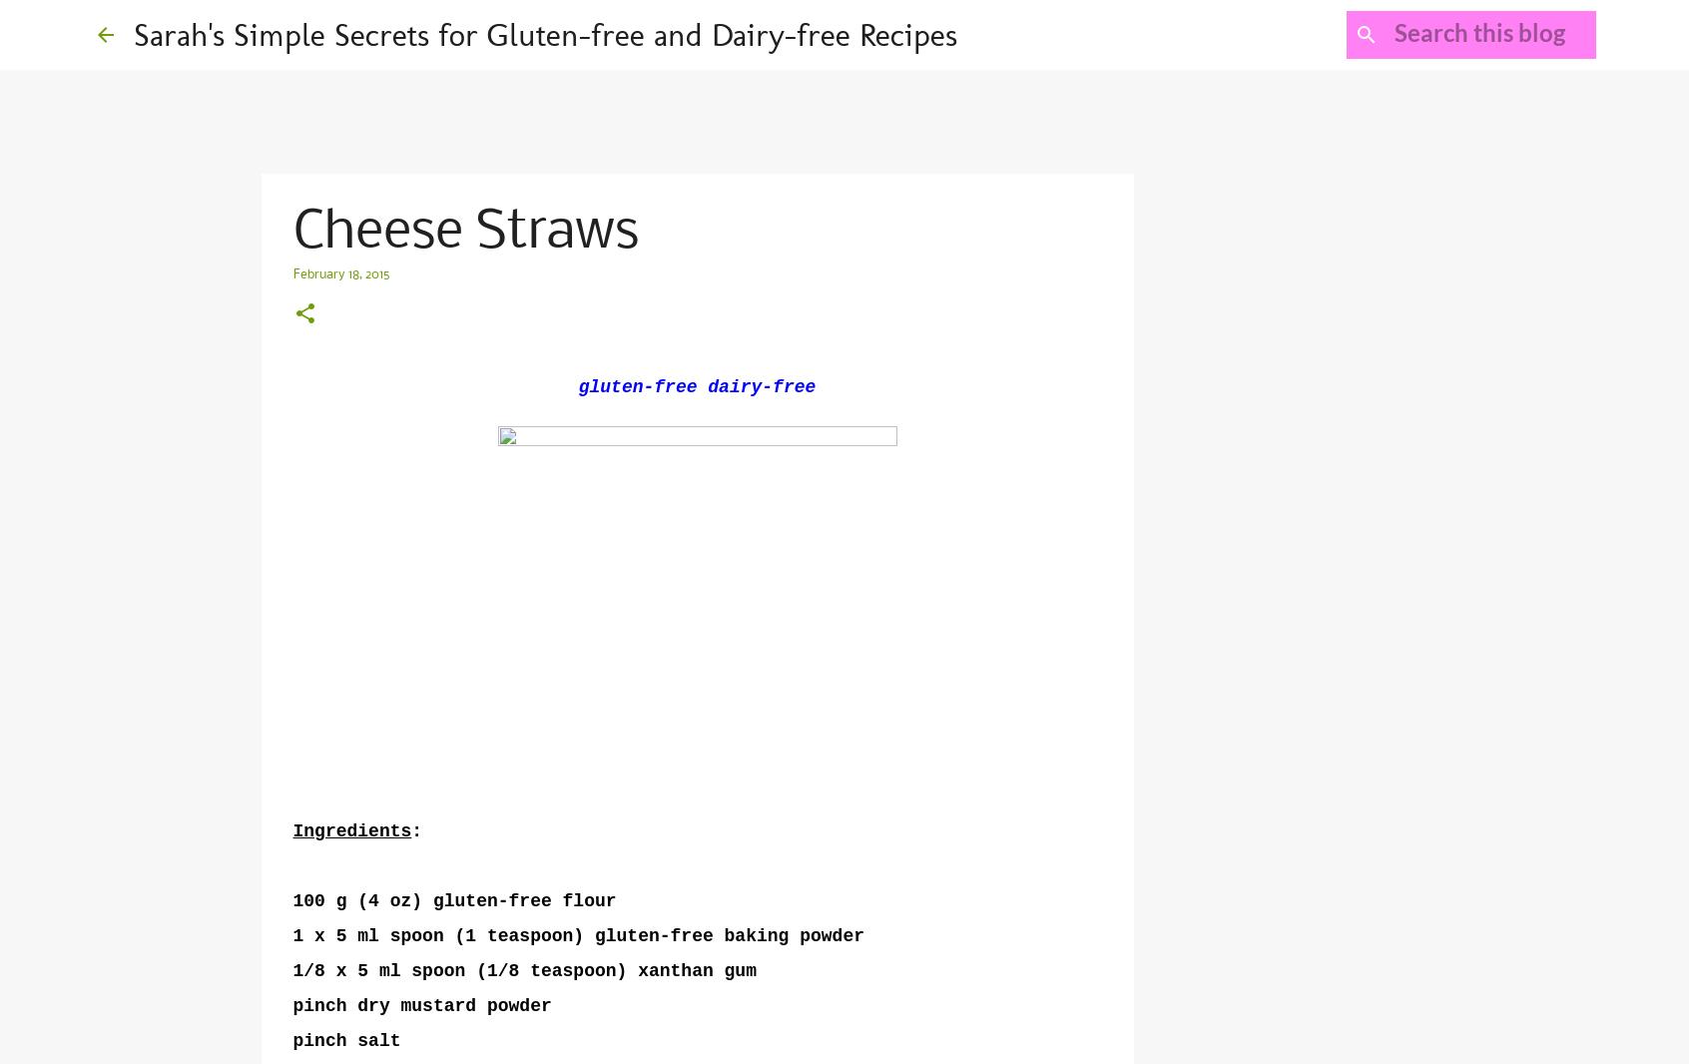 This screenshot has height=1064, width=1689. What do you see at coordinates (524, 971) in the screenshot?
I see `'1/8 x 5 ml spoon (1/8 teaspoon) xanthan gum'` at bounding box center [524, 971].